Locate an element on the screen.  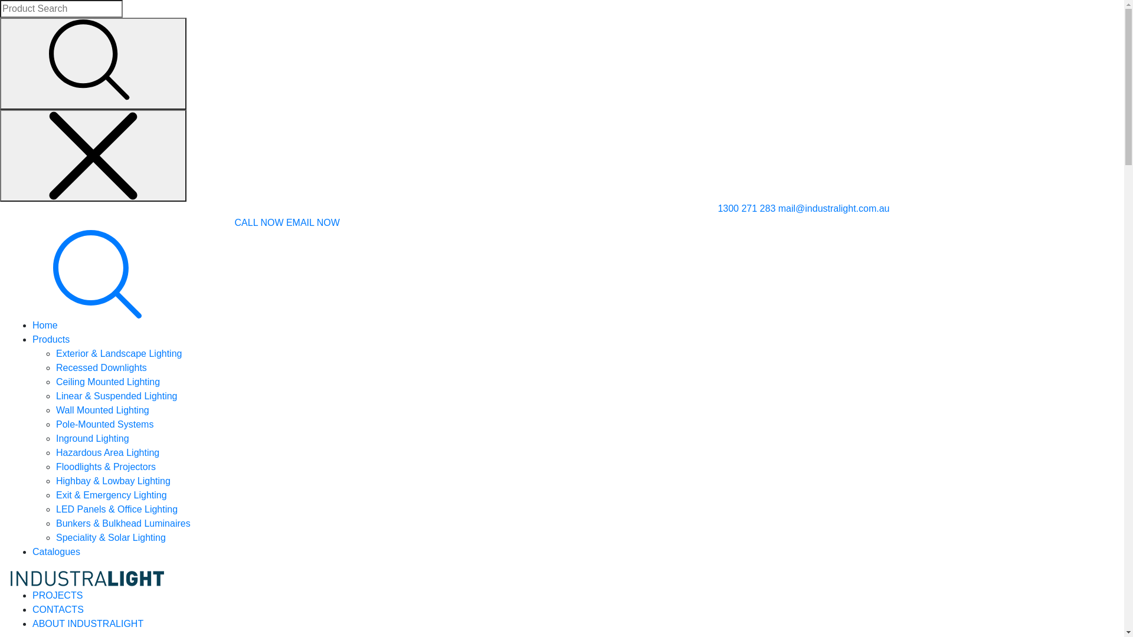
'Hazardous Area Lighting' is located at coordinates (107, 452).